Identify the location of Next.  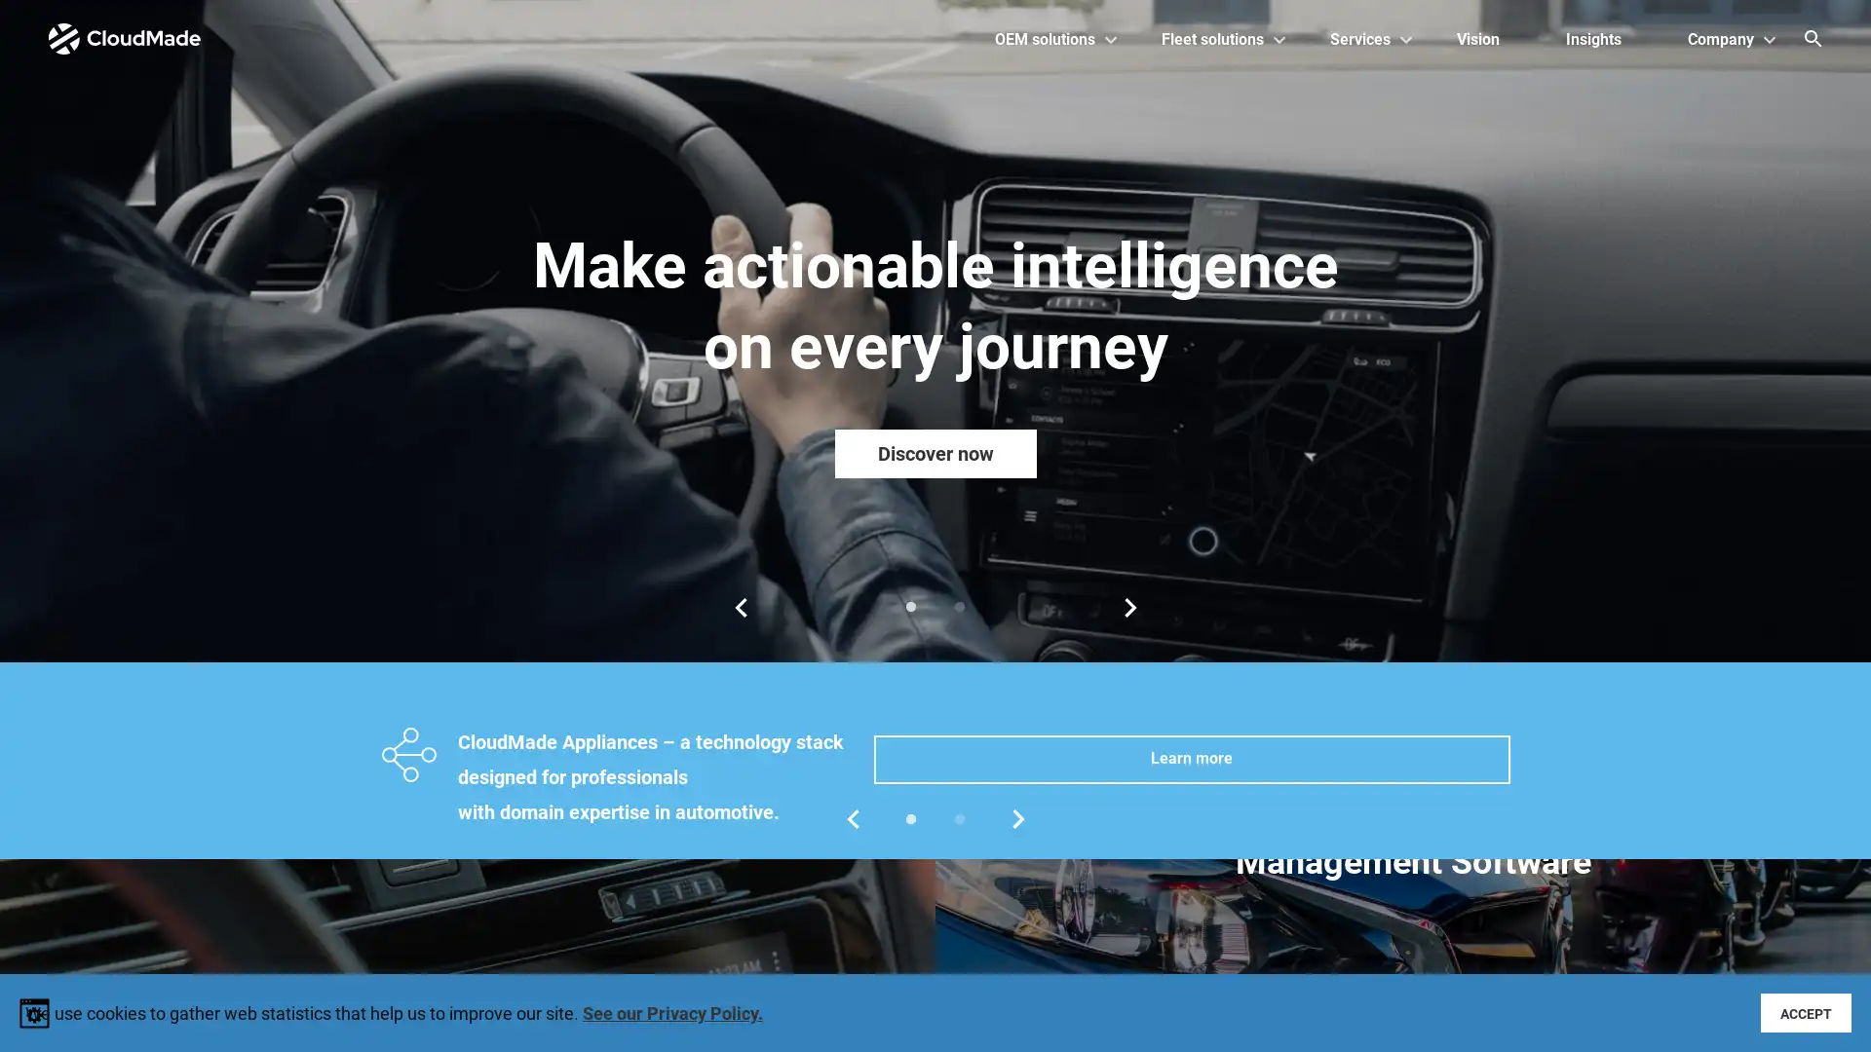
(1130, 607).